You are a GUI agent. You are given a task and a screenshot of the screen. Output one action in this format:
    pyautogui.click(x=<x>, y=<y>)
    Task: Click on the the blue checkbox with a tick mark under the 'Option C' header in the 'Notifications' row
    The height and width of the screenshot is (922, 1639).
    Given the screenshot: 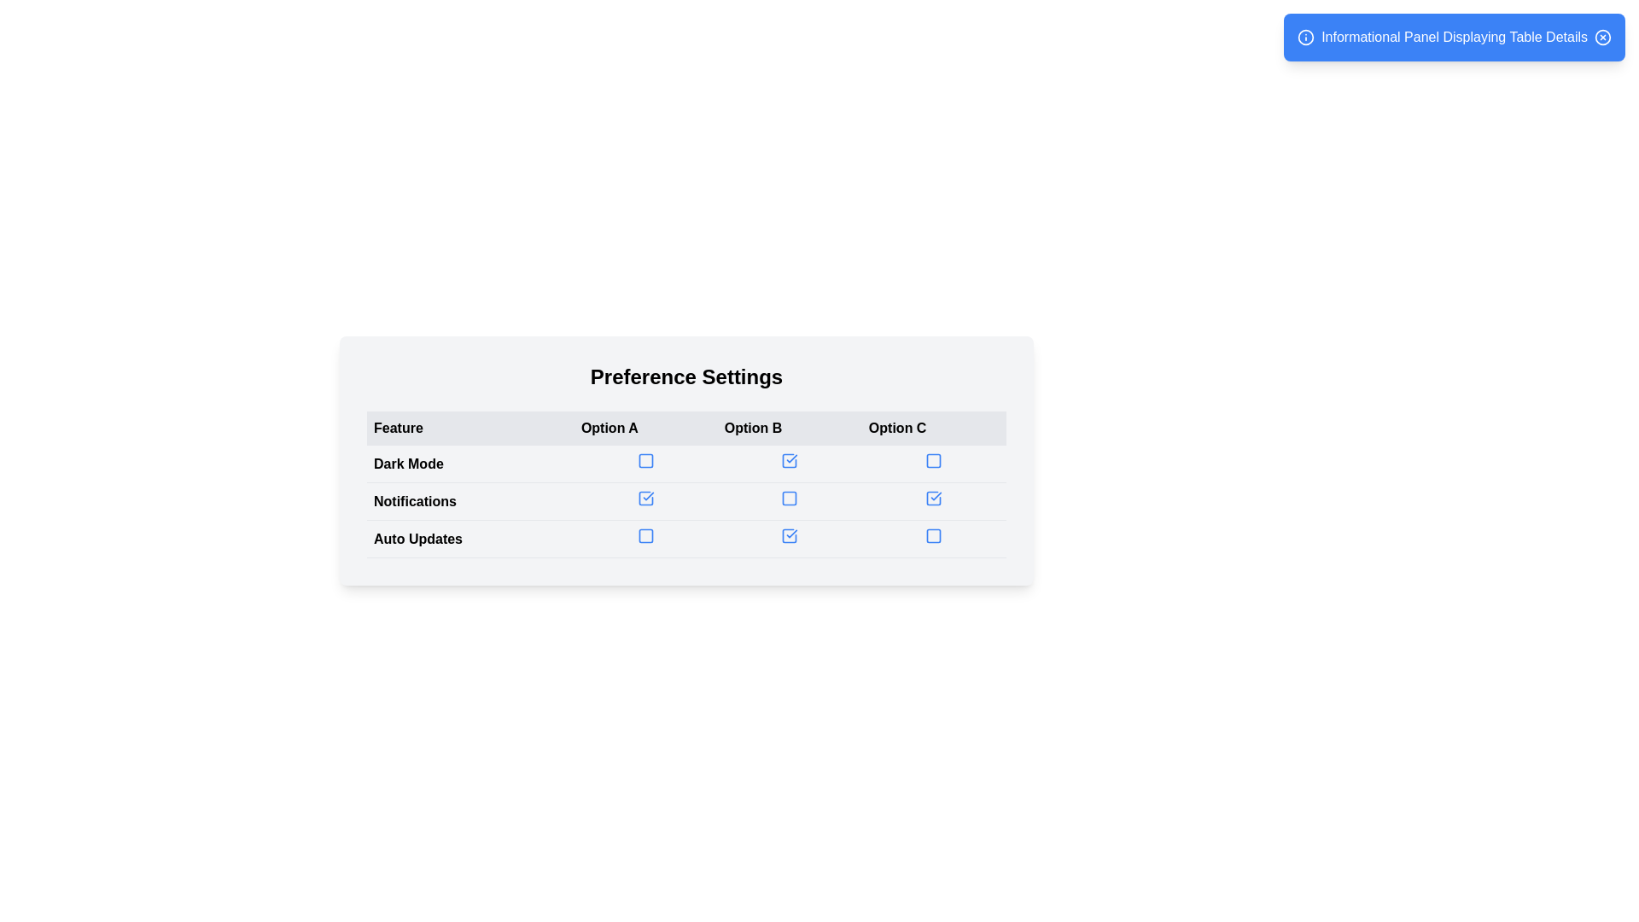 What is the action you would take?
    pyautogui.click(x=933, y=500)
    